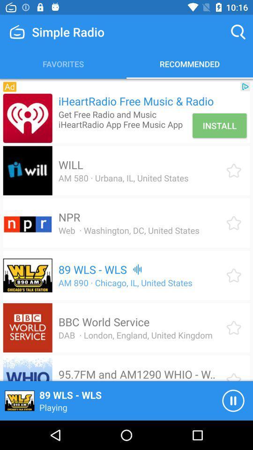 This screenshot has width=253, height=450. I want to click on an advertisements, so click(28, 118).